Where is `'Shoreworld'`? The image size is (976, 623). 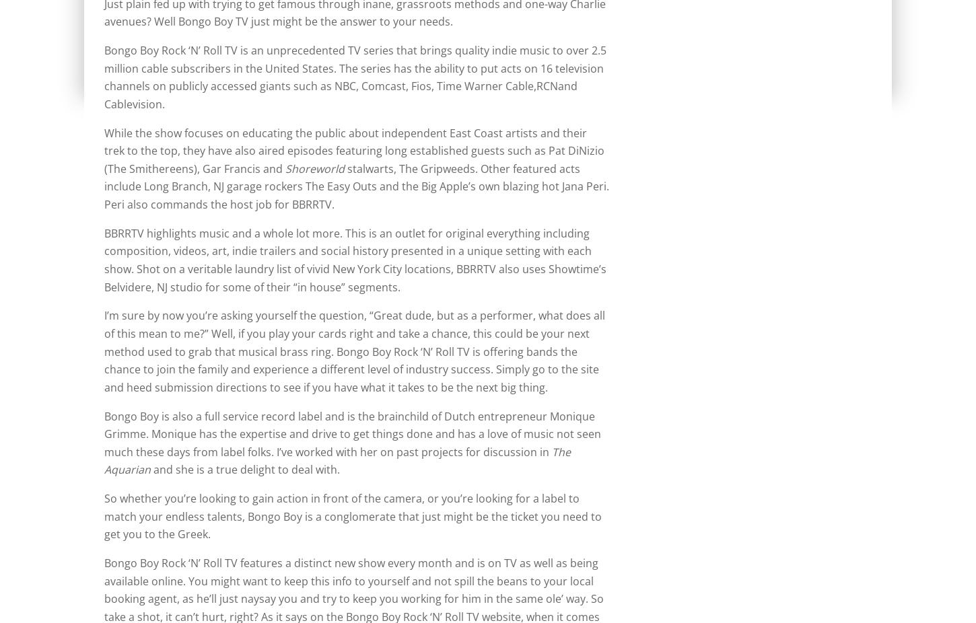 'Shoreworld' is located at coordinates (314, 168).